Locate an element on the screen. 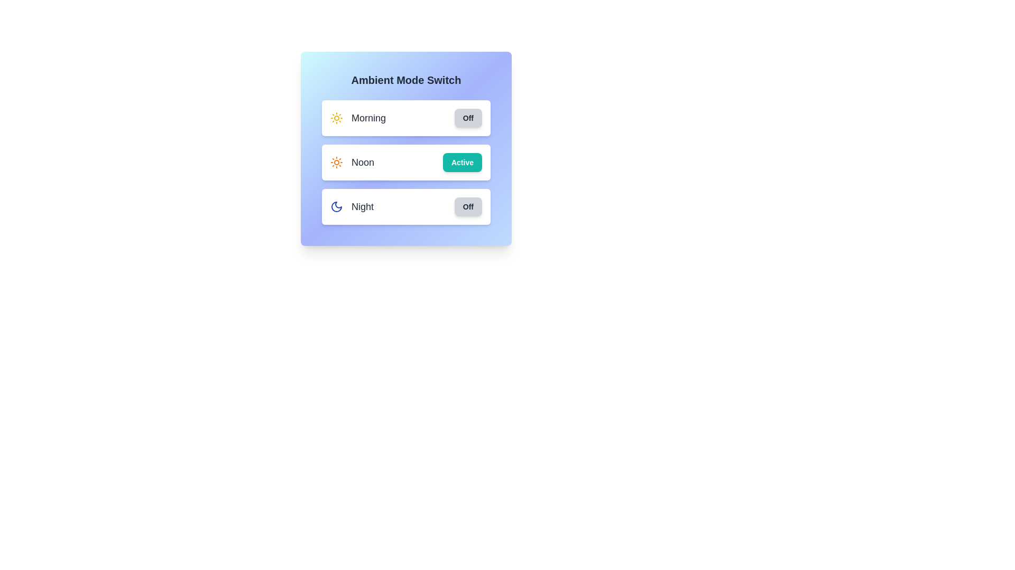 The image size is (1015, 570). the icon representing the 'Noon' mode is located at coordinates (336, 163).